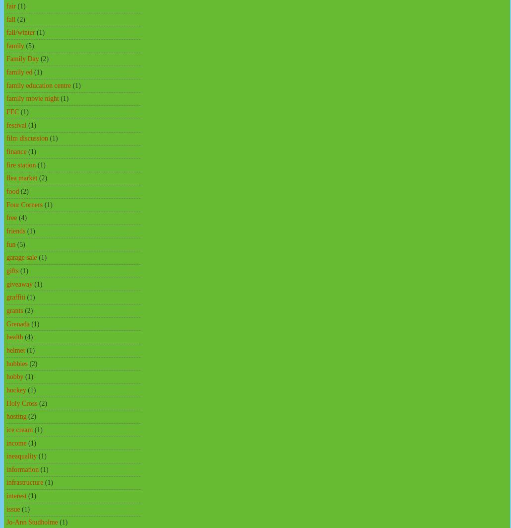  What do you see at coordinates (6, 59) in the screenshot?
I see `'Family Day'` at bounding box center [6, 59].